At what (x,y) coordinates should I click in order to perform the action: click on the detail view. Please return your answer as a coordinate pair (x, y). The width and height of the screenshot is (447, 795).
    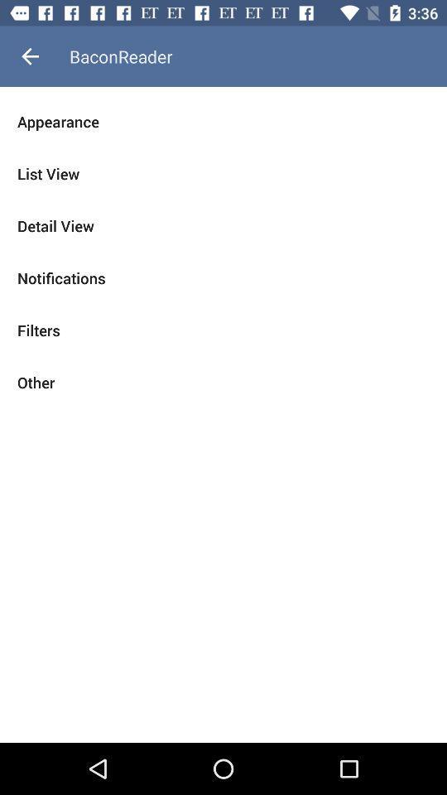
    Looking at the image, I should click on (223, 225).